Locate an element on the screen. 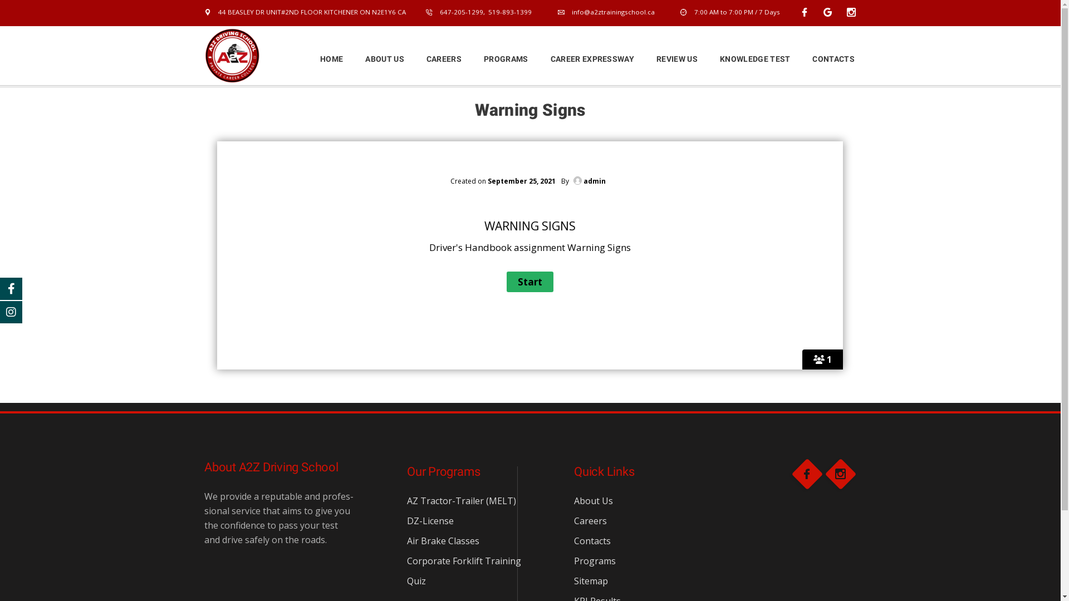  'Corporate Forklift Training' is located at coordinates (464, 560).